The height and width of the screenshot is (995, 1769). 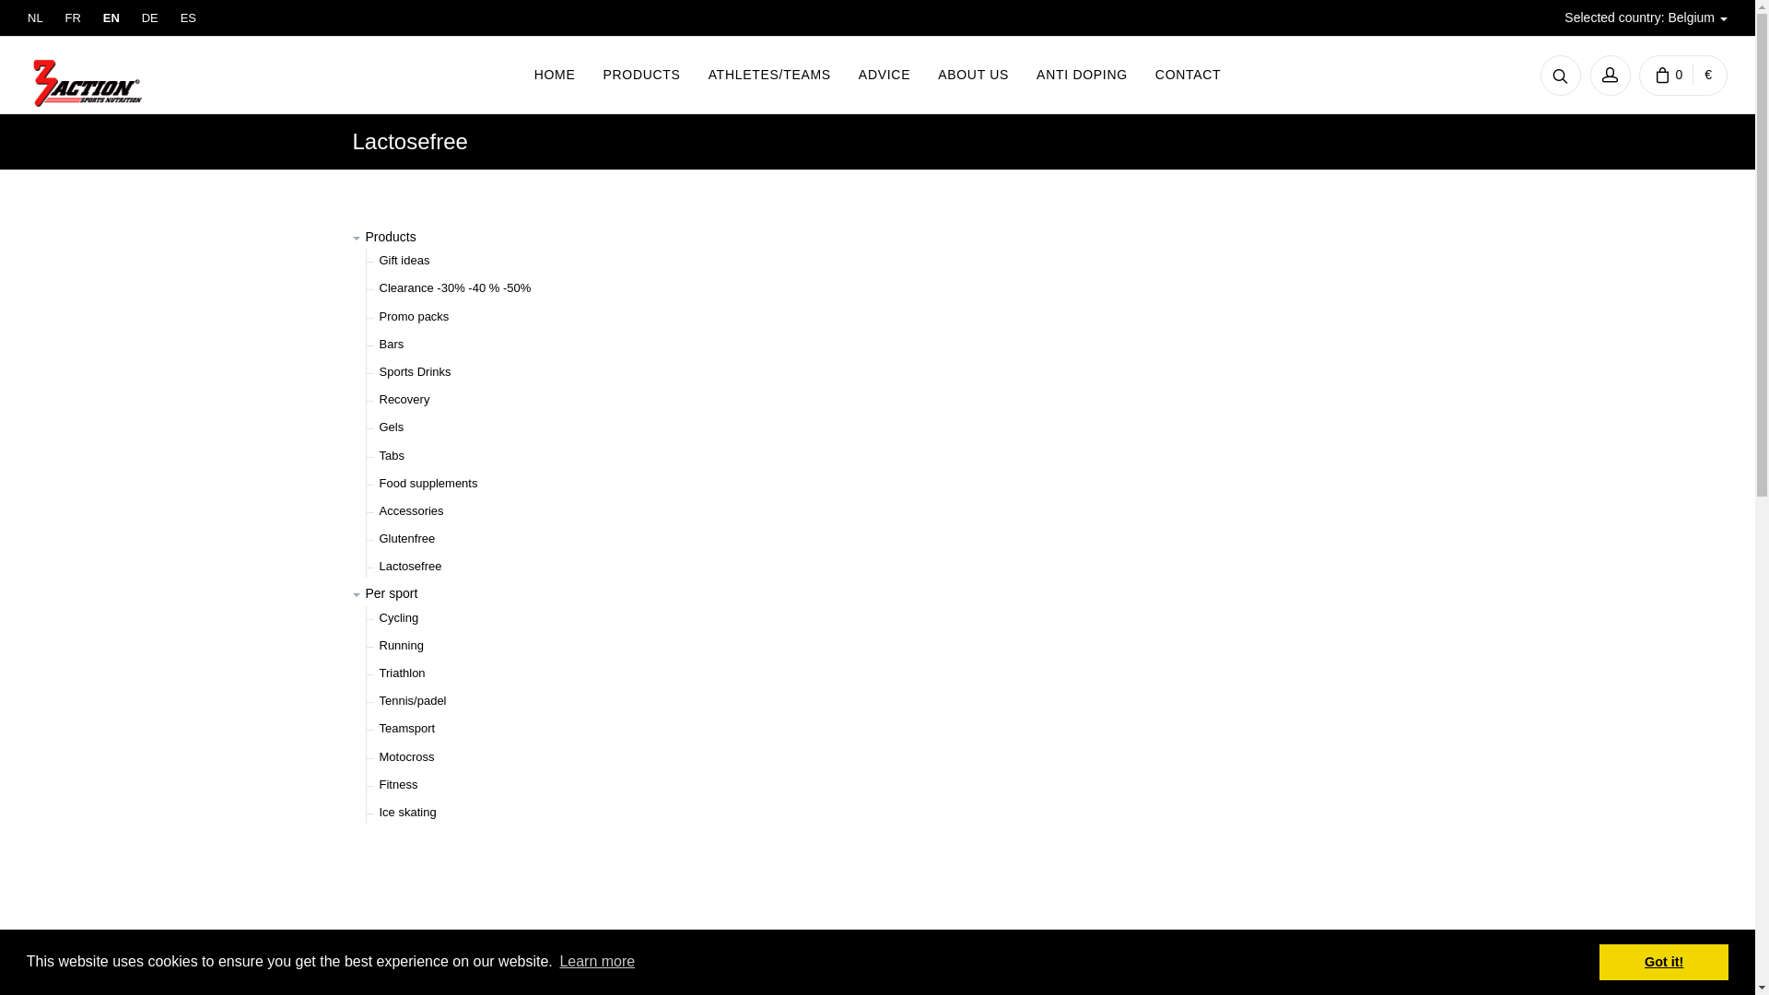 What do you see at coordinates (455, 287) in the screenshot?
I see `'Clearance -30% -40 % -50%'` at bounding box center [455, 287].